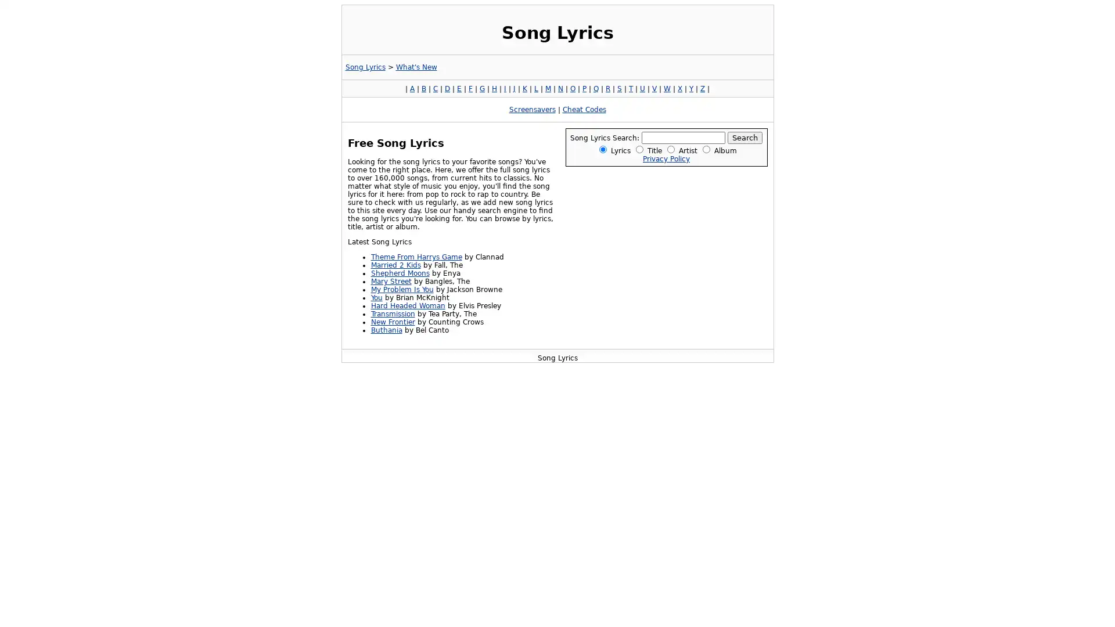 Image resolution: width=1115 pixels, height=627 pixels. What do you see at coordinates (744, 137) in the screenshot?
I see `Search` at bounding box center [744, 137].